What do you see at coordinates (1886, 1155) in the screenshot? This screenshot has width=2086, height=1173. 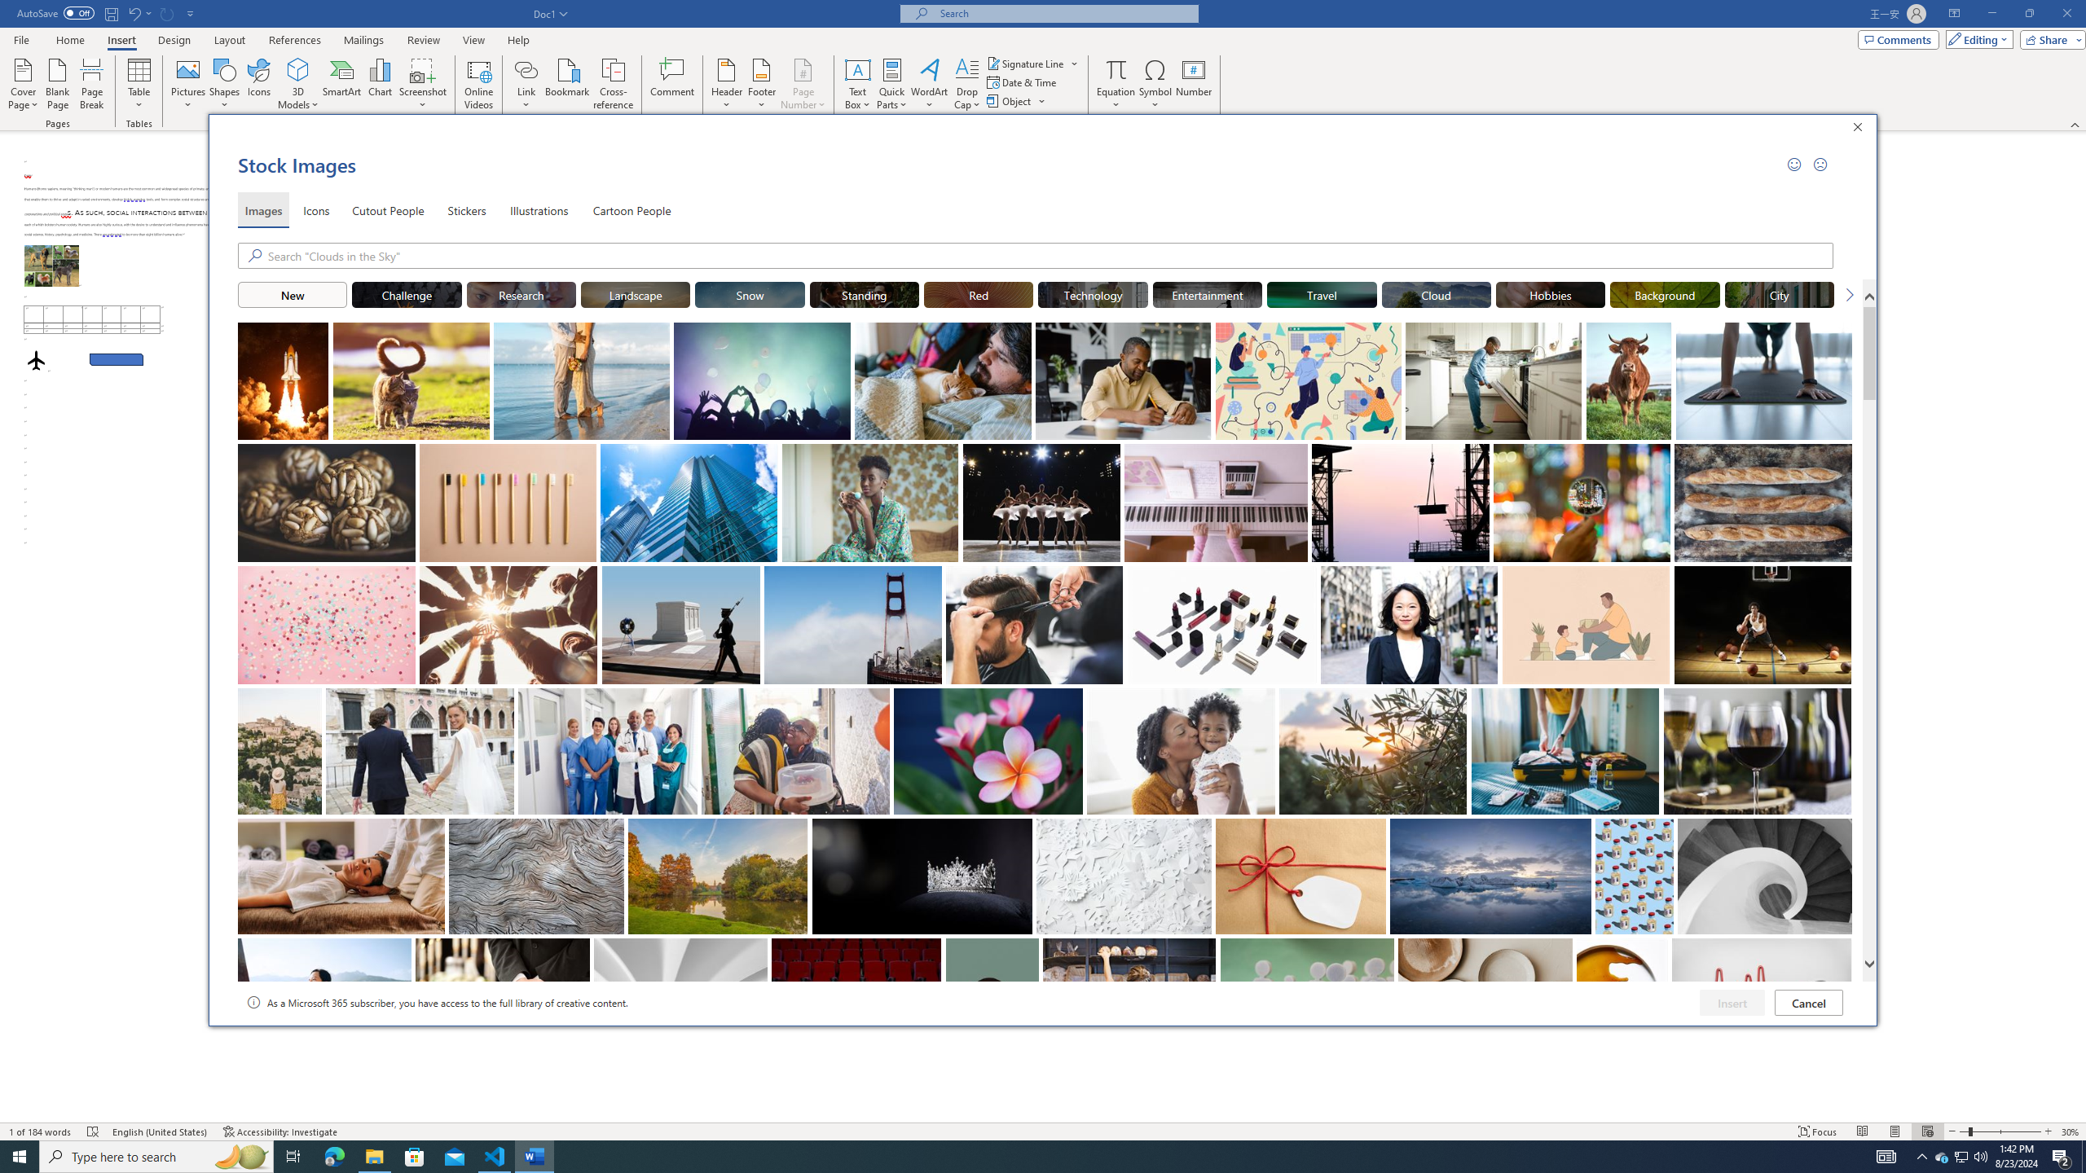 I see `'Notification Chevron'` at bounding box center [1886, 1155].